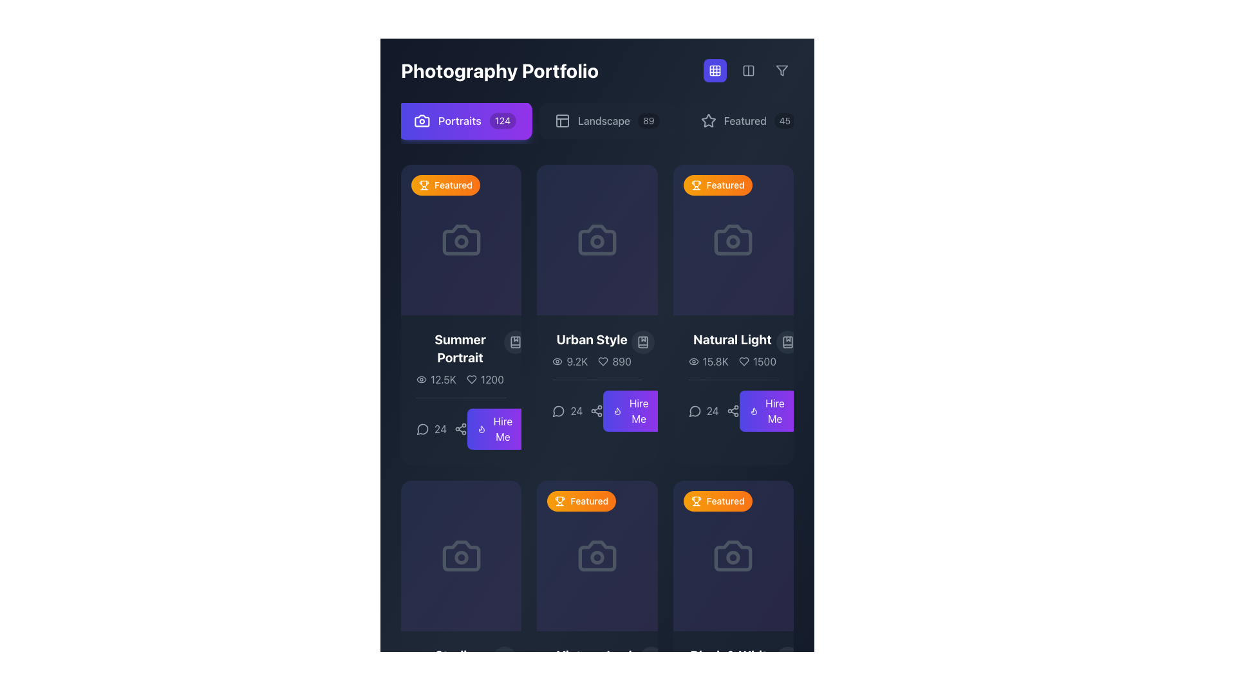  I want to click on the third button from the left in the 'Natural Light' section, so click(768, 411).